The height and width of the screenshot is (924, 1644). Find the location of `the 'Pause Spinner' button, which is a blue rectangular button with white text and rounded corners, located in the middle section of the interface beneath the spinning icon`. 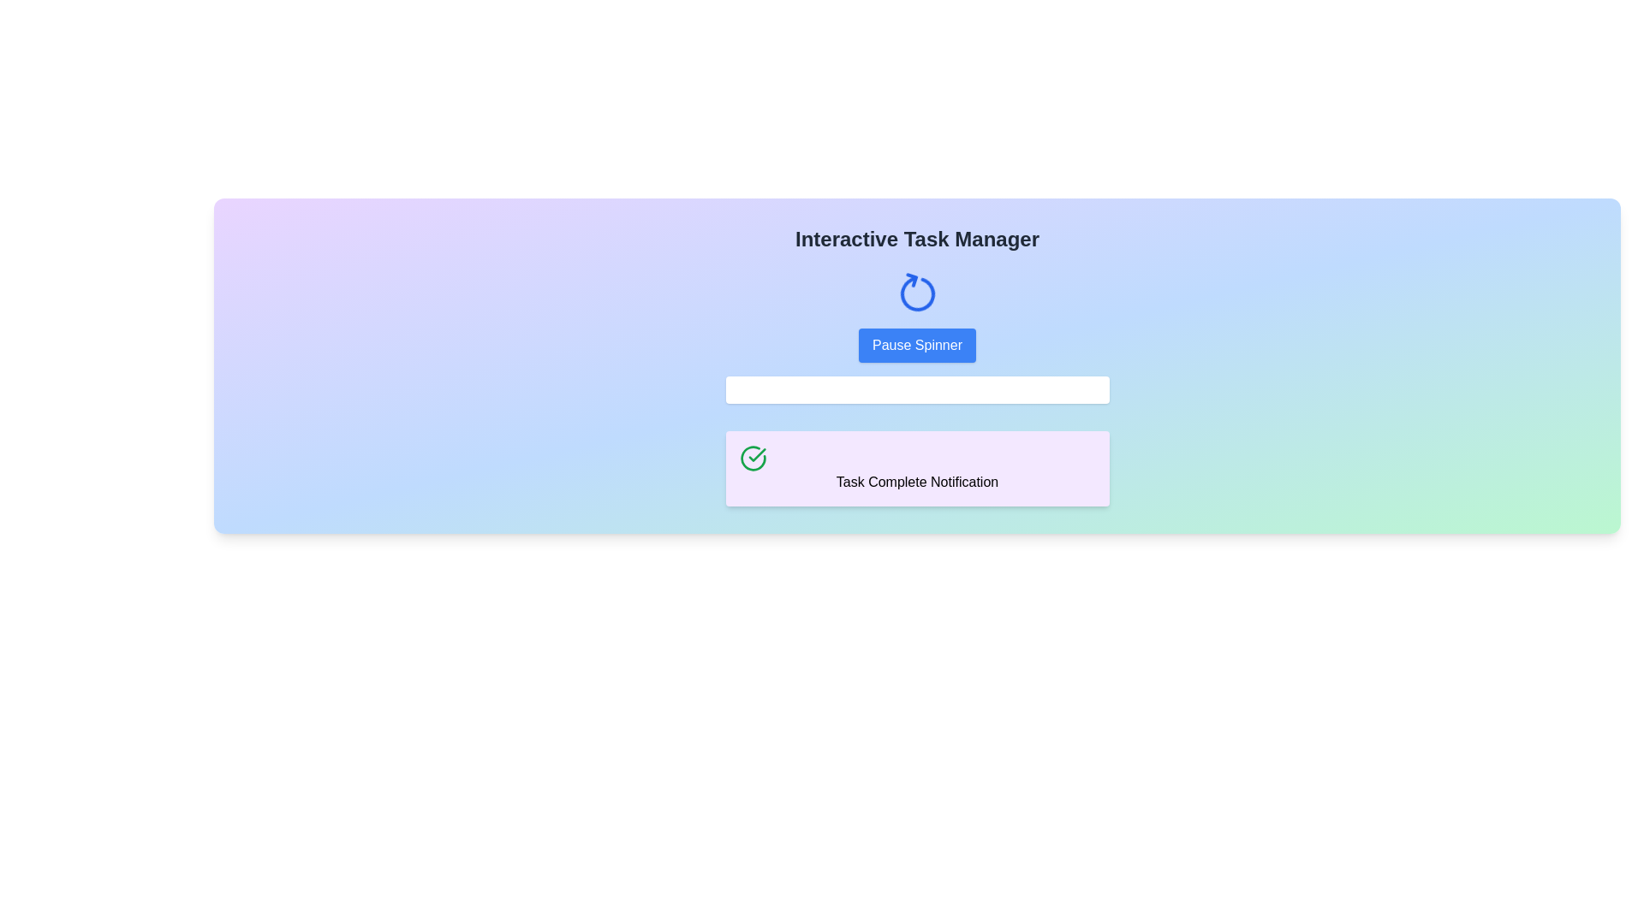

the 'Pause Spinner' button, which is a blue rectangular button with white text and rounded corners, located in the middle section of the interface beneath the spinning icon is located at coordinates (916, 346).